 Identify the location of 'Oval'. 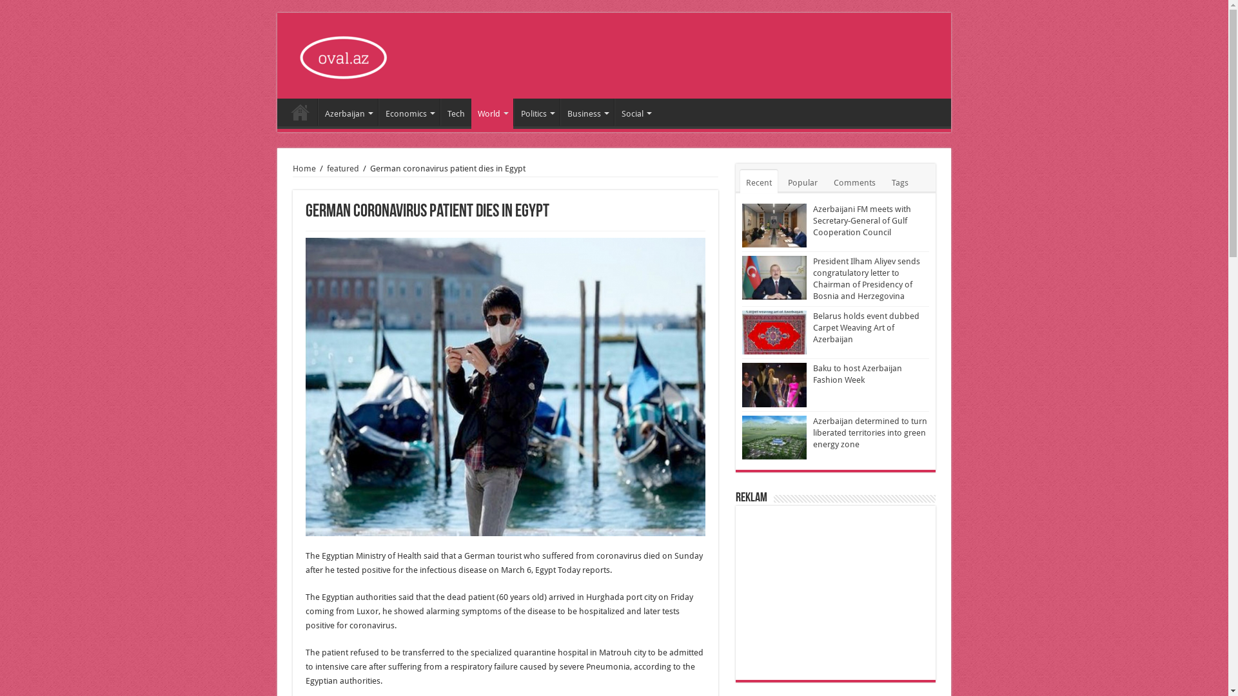
(346, 53).